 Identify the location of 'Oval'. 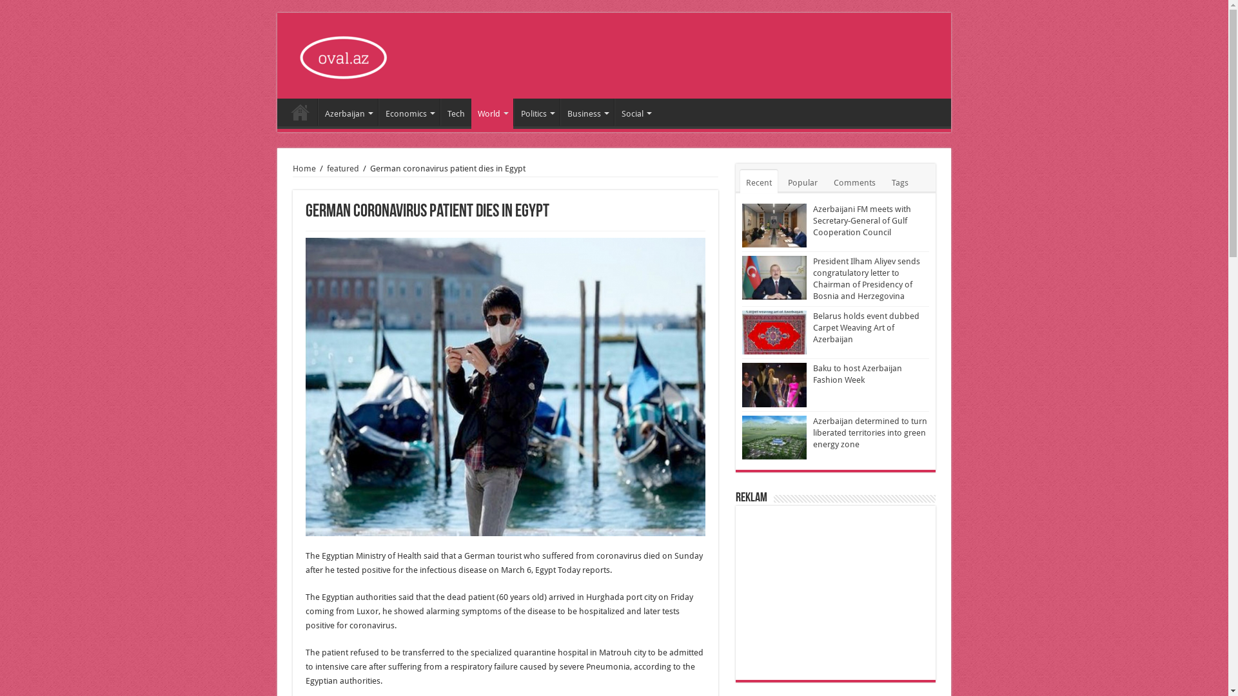
(346, 53).